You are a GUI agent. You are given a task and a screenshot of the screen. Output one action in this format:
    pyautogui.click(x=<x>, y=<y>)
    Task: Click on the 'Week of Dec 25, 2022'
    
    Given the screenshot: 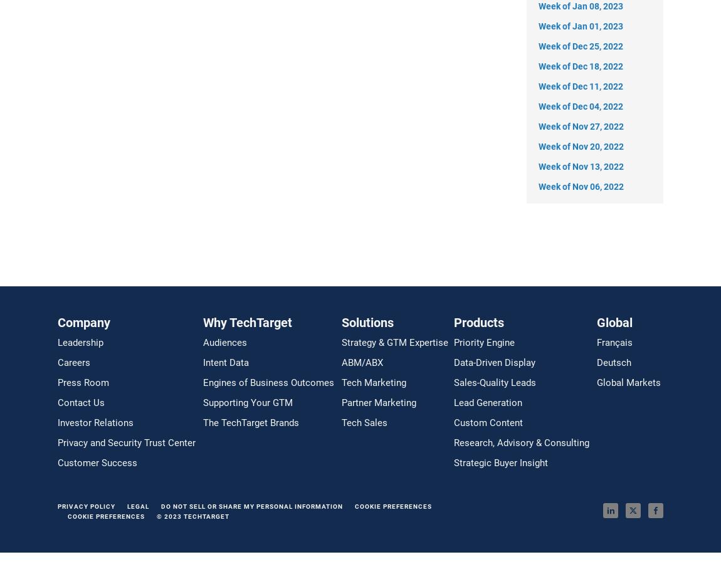 What is the action you would take?
    pyautogui.click(x=538, y=45)
    